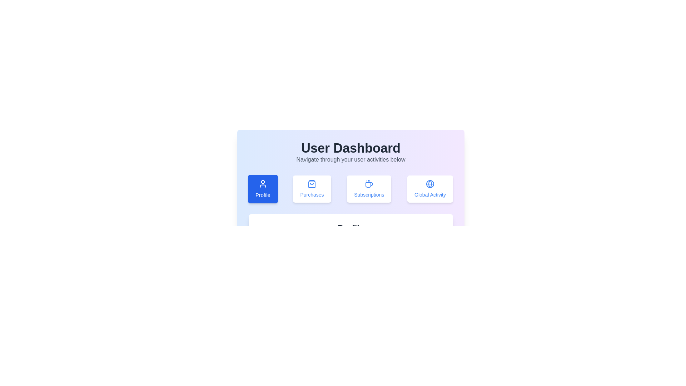 This screenshot has height=386, width=686. Describe the element at coordinates (262, 188) in the screenshot. I see `the 'Profile' tab to activate it` at that location.